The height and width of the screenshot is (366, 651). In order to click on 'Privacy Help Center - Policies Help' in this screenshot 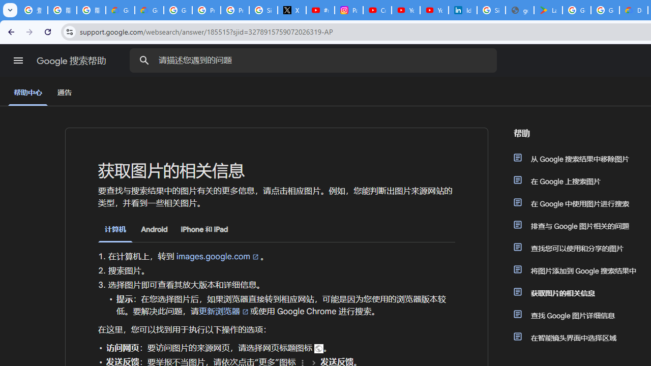, I will do `click(205, 10)`.